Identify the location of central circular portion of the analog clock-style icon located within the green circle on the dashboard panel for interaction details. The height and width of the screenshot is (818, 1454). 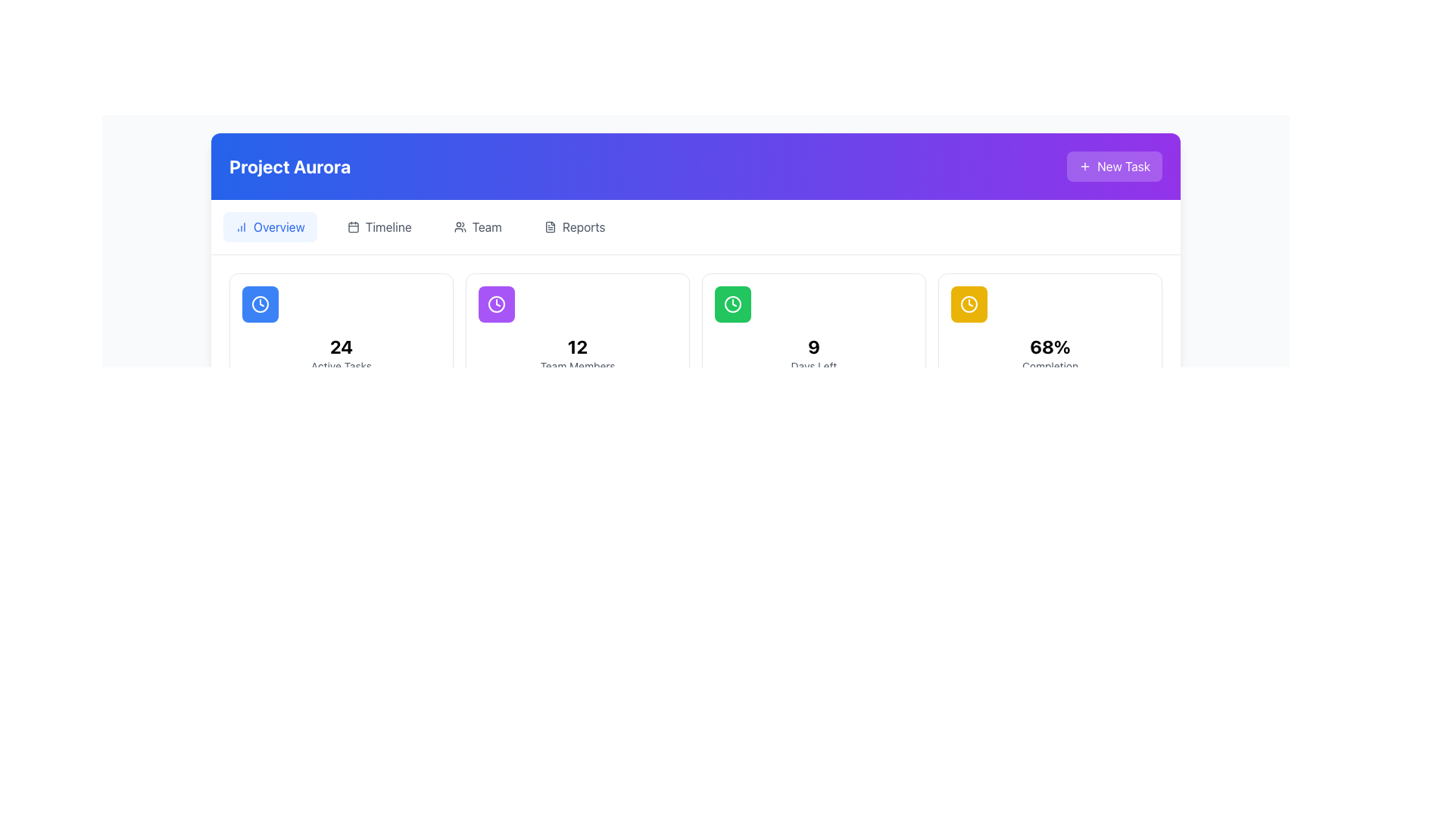
(733, 304).